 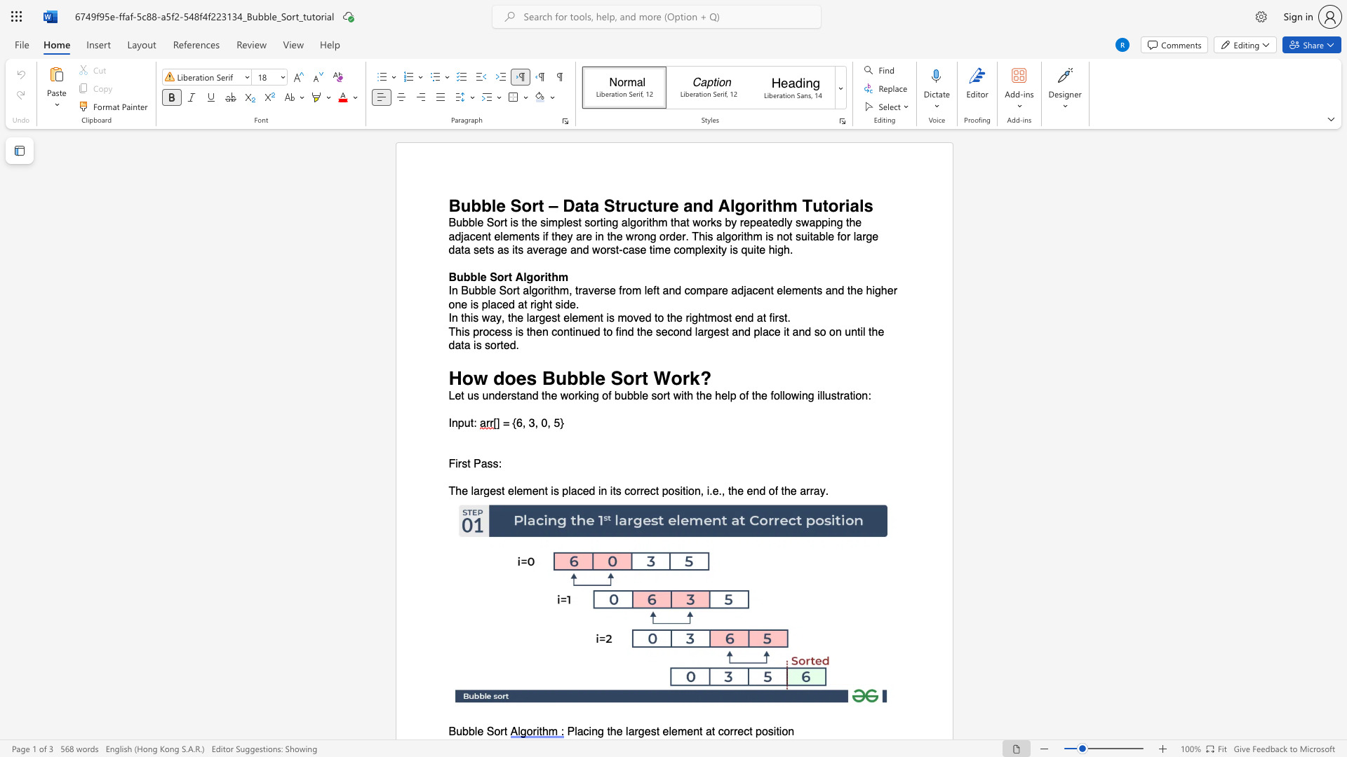 I want to click on the subset text "tion, i.e., the end of the a" within the text "The largest element is placed in its correct position, i.e., the end of the array.", so click(x=683, y=491).